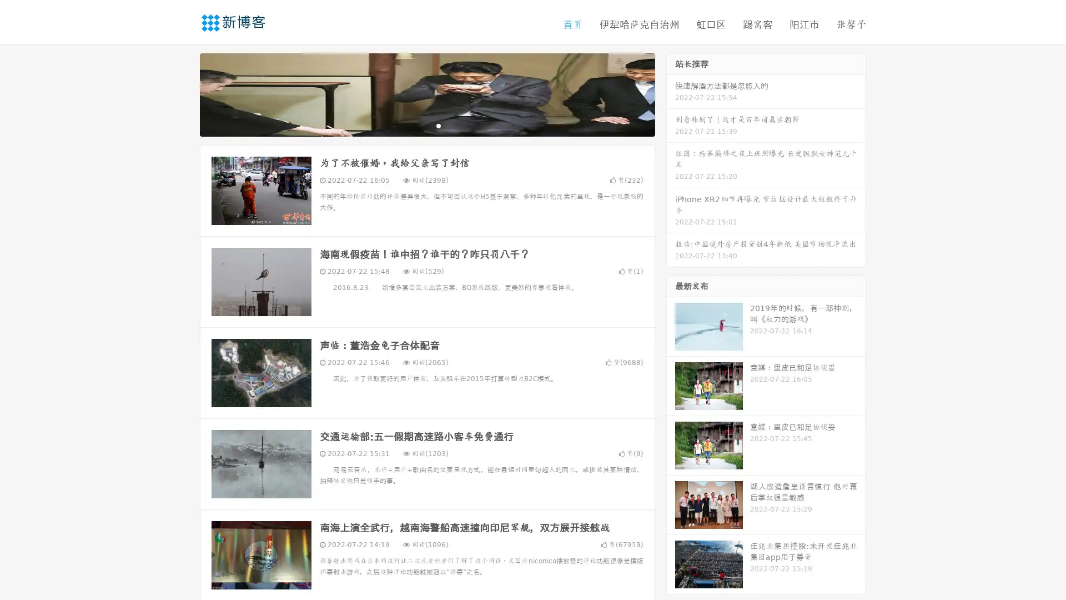 The width and height of the screenshot is (1066, 600). I want to click on Go to slide 2, so click(426, 125).